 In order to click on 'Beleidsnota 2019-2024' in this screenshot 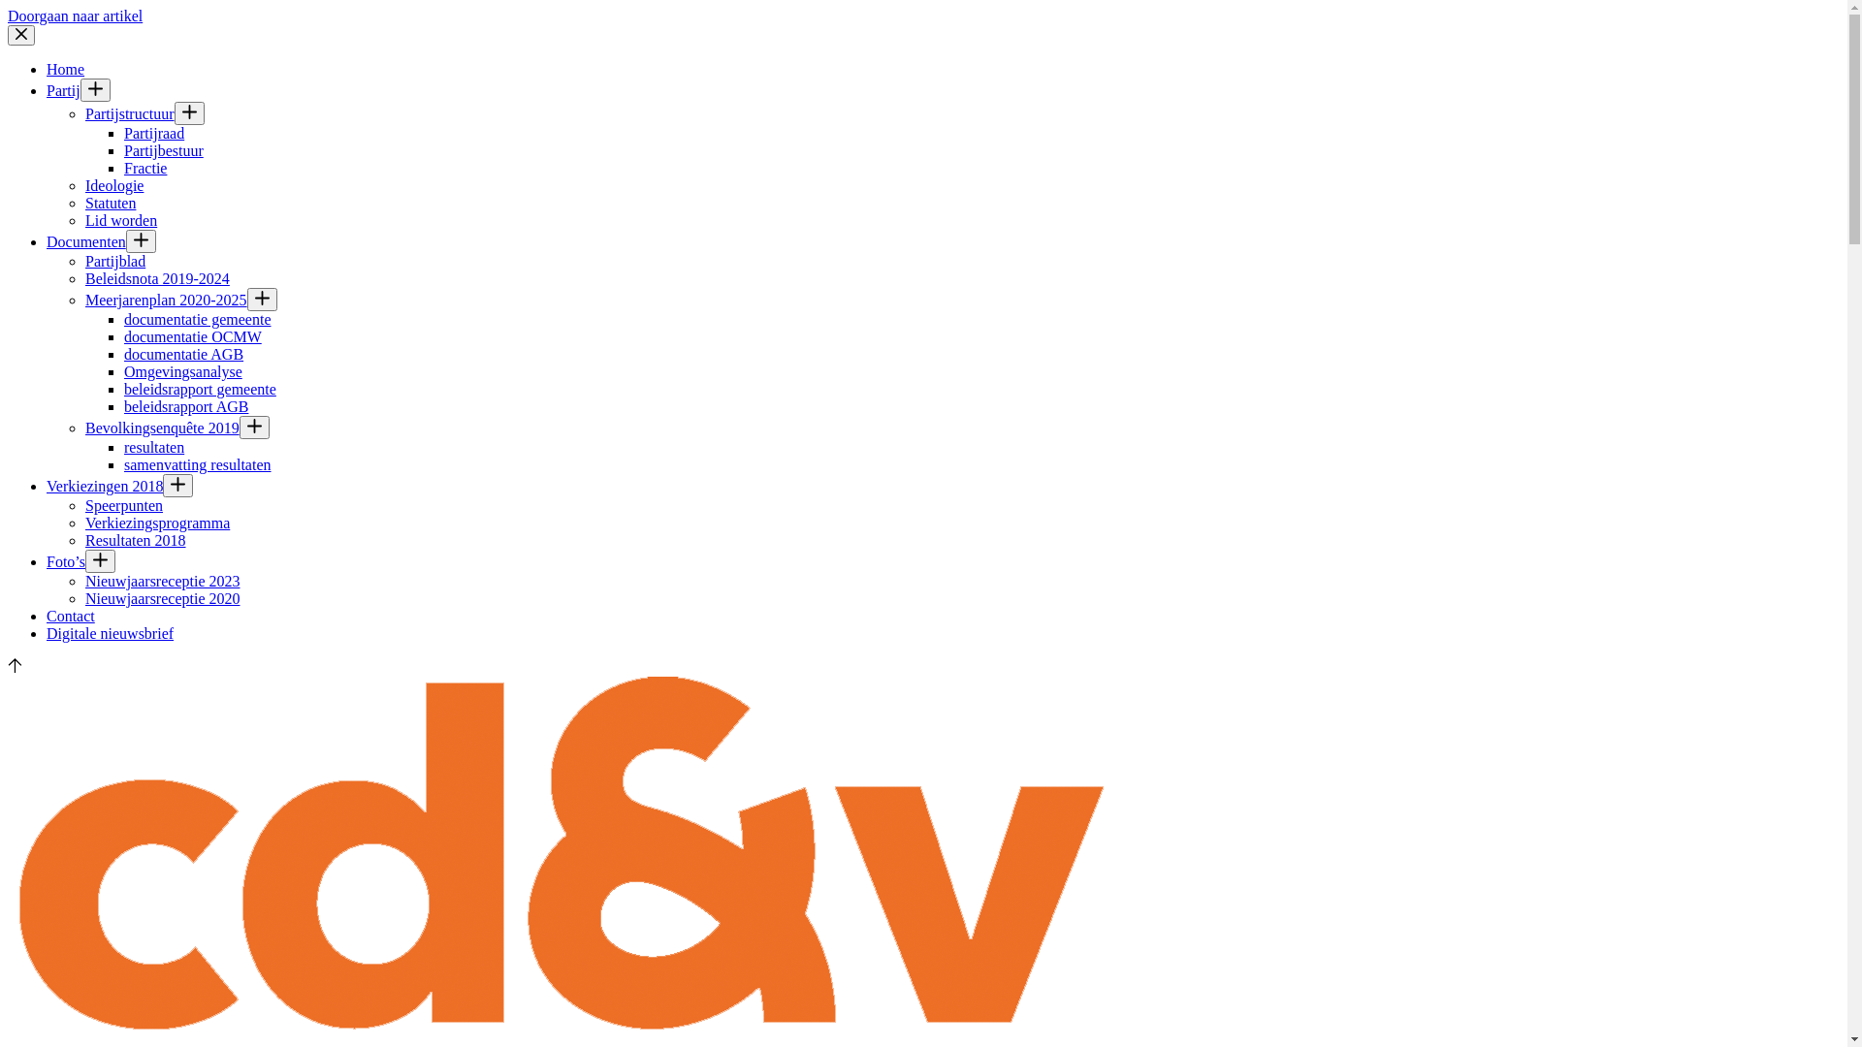, I will do `click(157, 278)`.